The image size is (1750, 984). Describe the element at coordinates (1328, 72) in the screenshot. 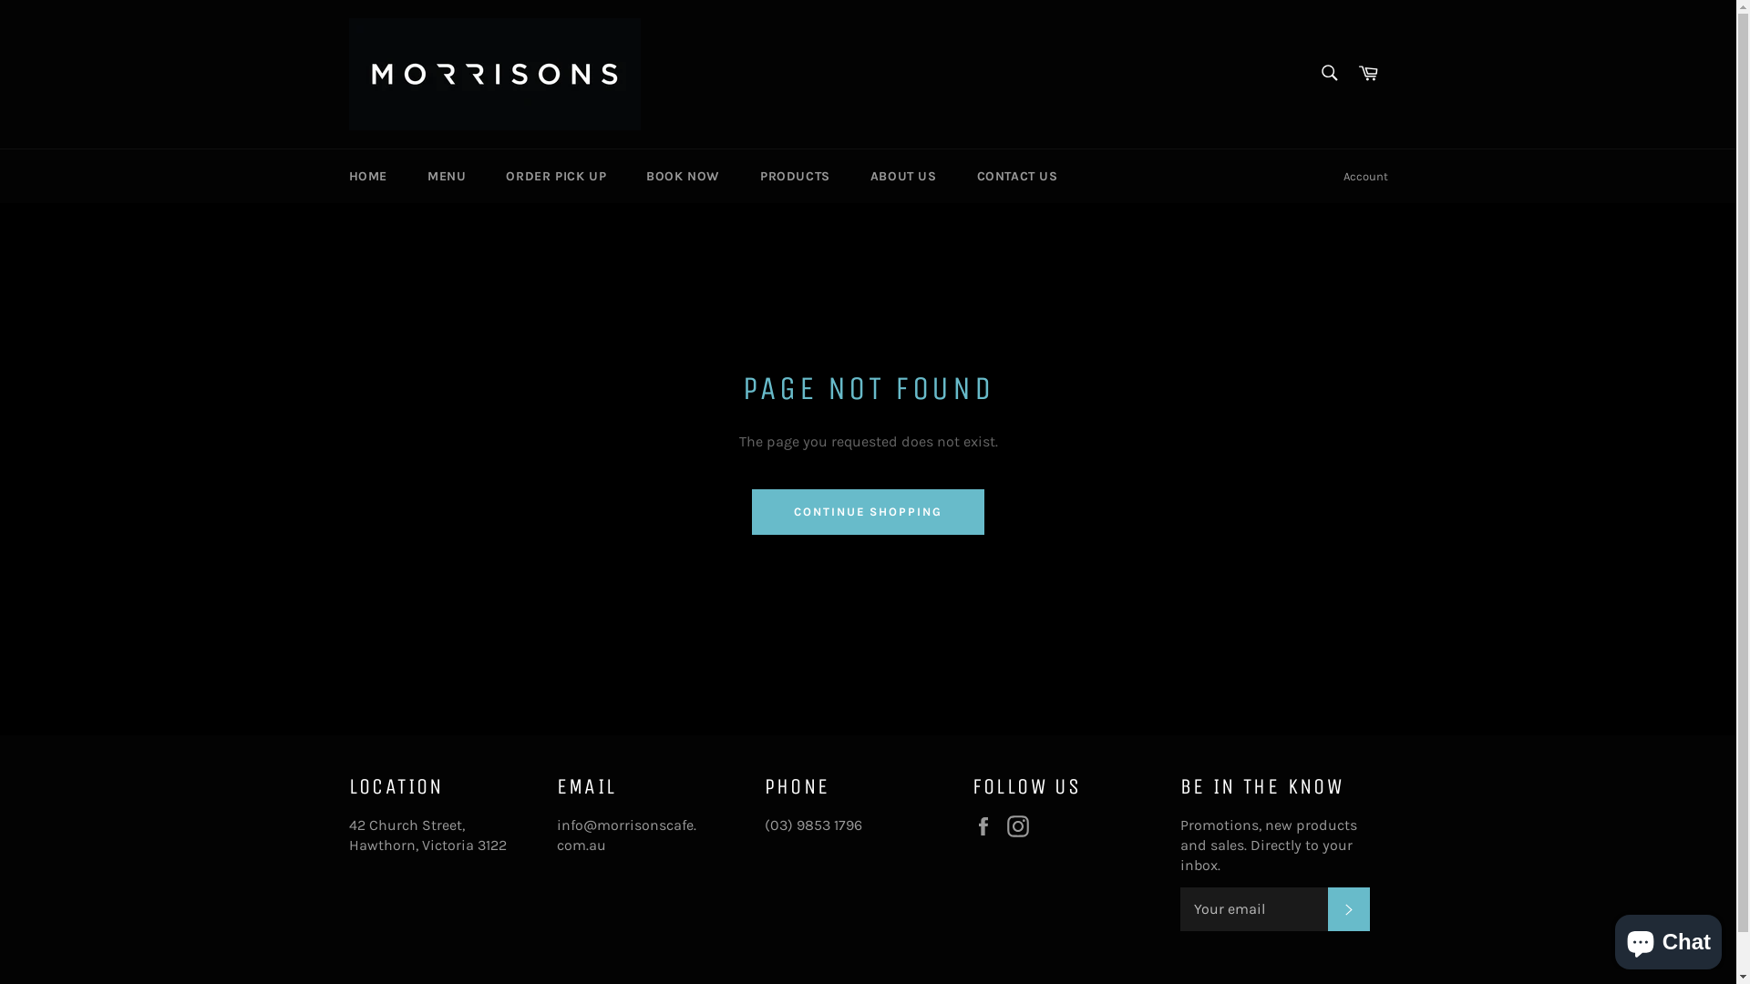

I see `'Search'` at that location.